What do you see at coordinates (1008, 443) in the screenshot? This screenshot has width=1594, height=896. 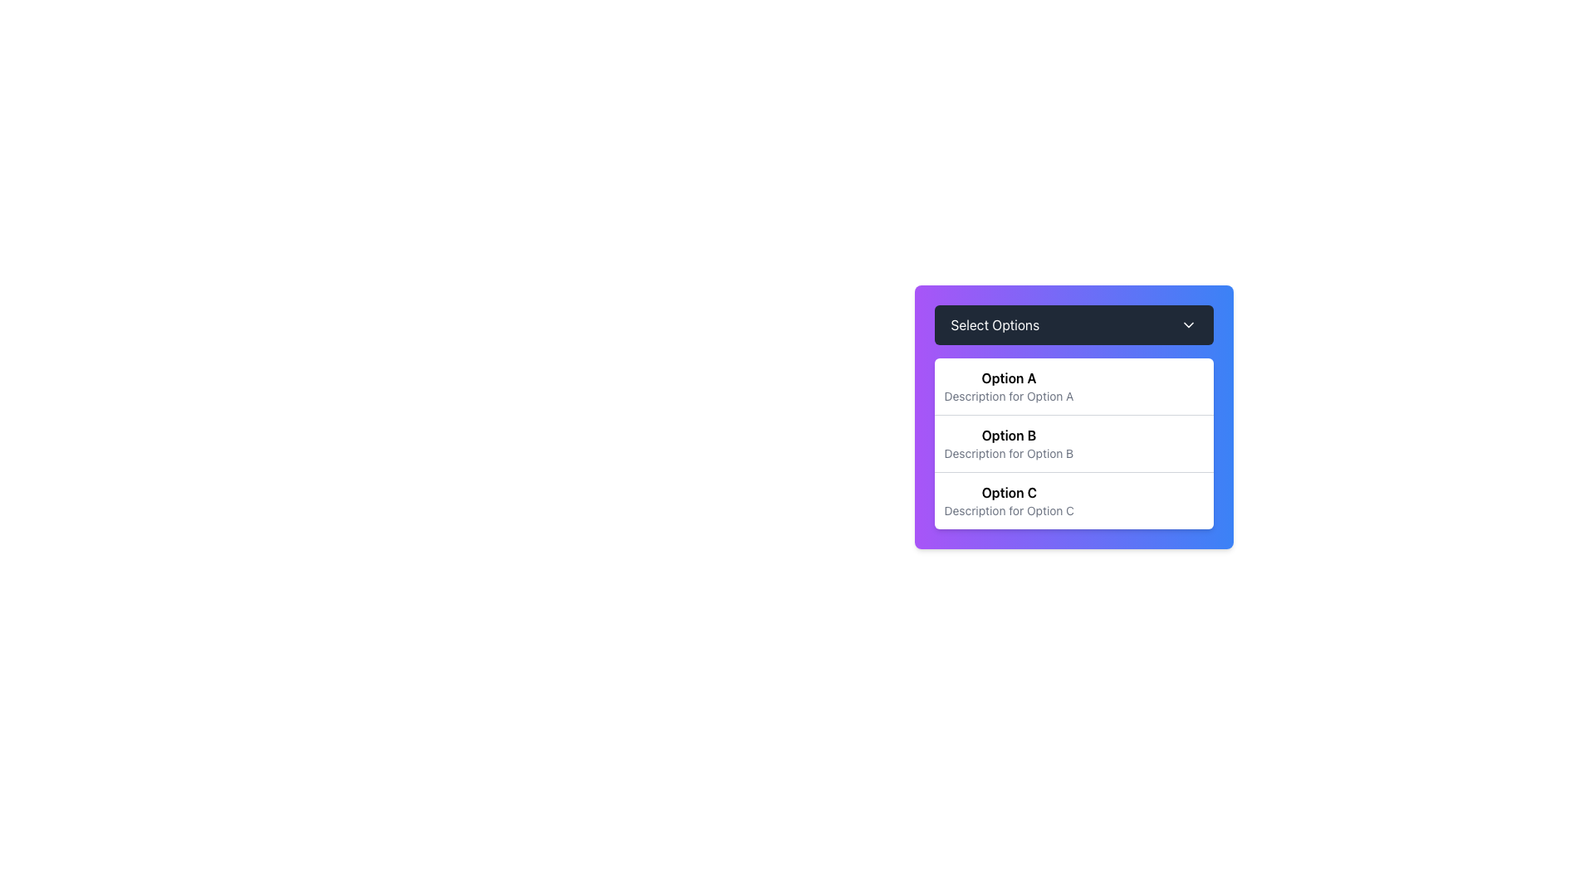 I see `the text entry "Option B" in the dropdown list` at bounding box center [1008, 443].